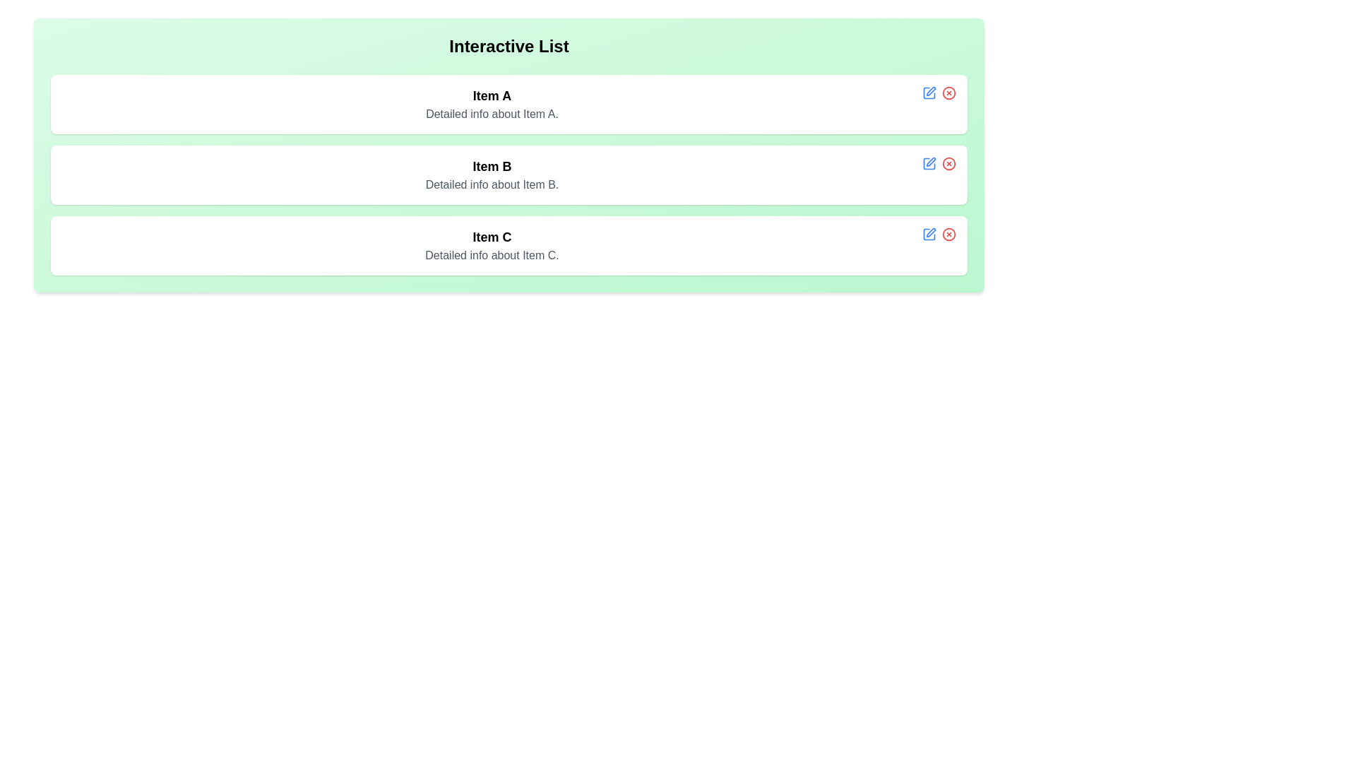  I want to click on informational text block that contains the bold text 'Item B' and the smaller gray text 'Detailed info about Item B.', which is centrally aligned in a white box with rounded corners and located within a light green background, so click(492, 174).